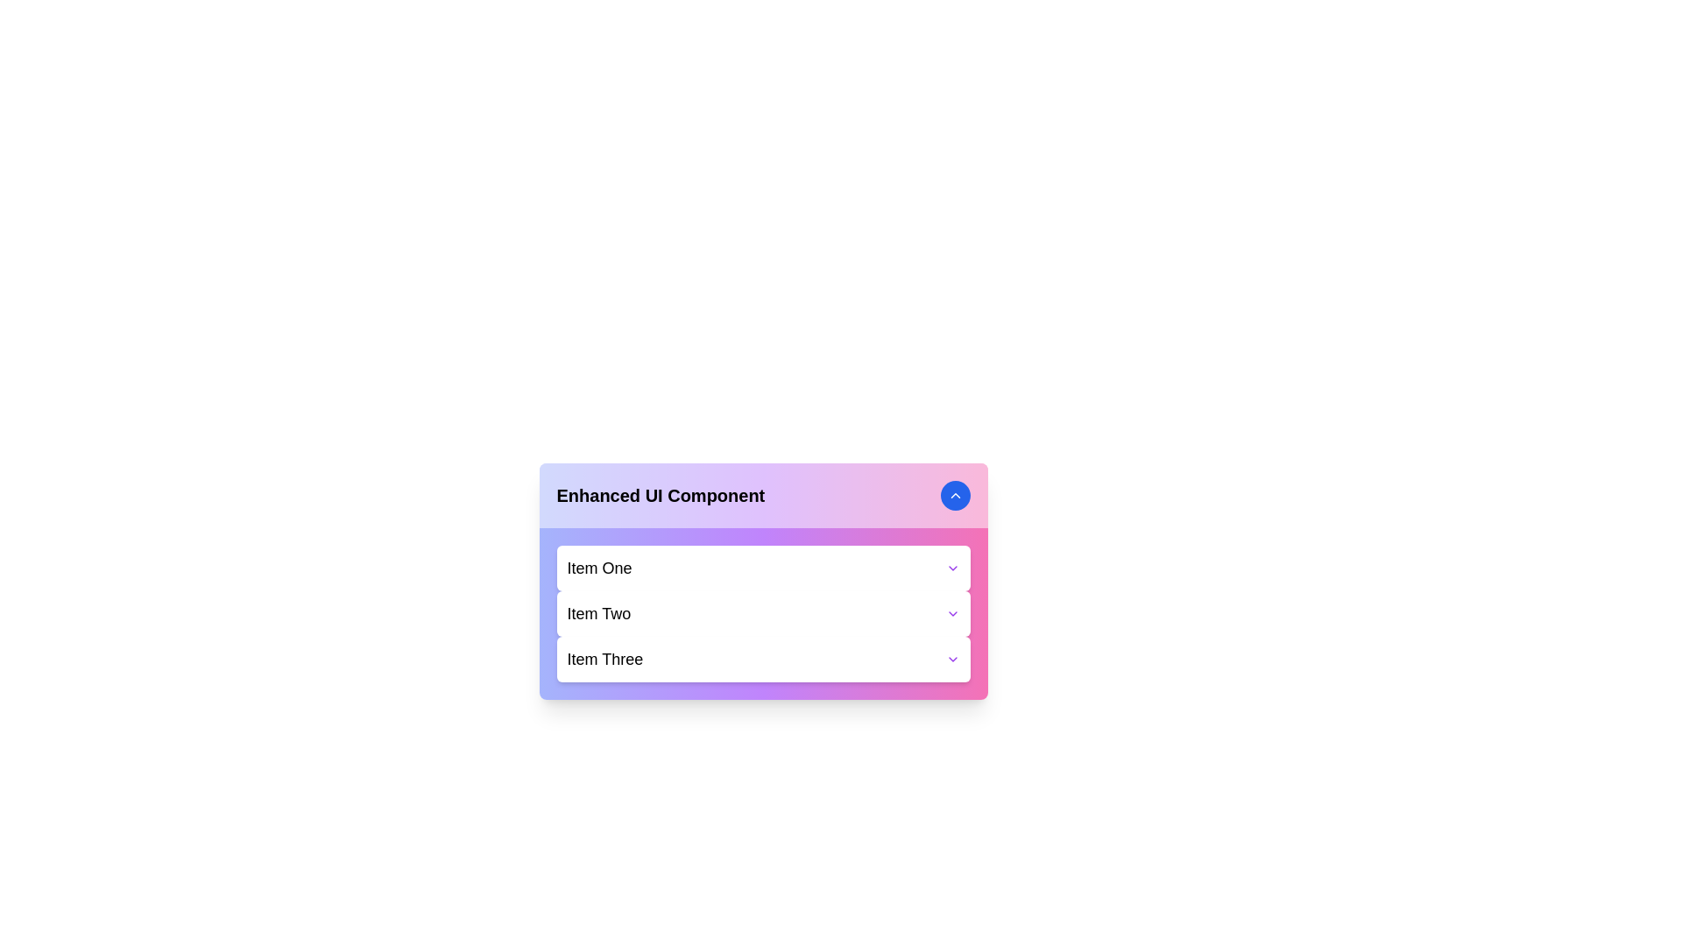 The height and width of the screenshot is (946, 1682). I want to click on the text label at the top-left corner of the component, which serves as a header or title for the interface, so click(660, 496).